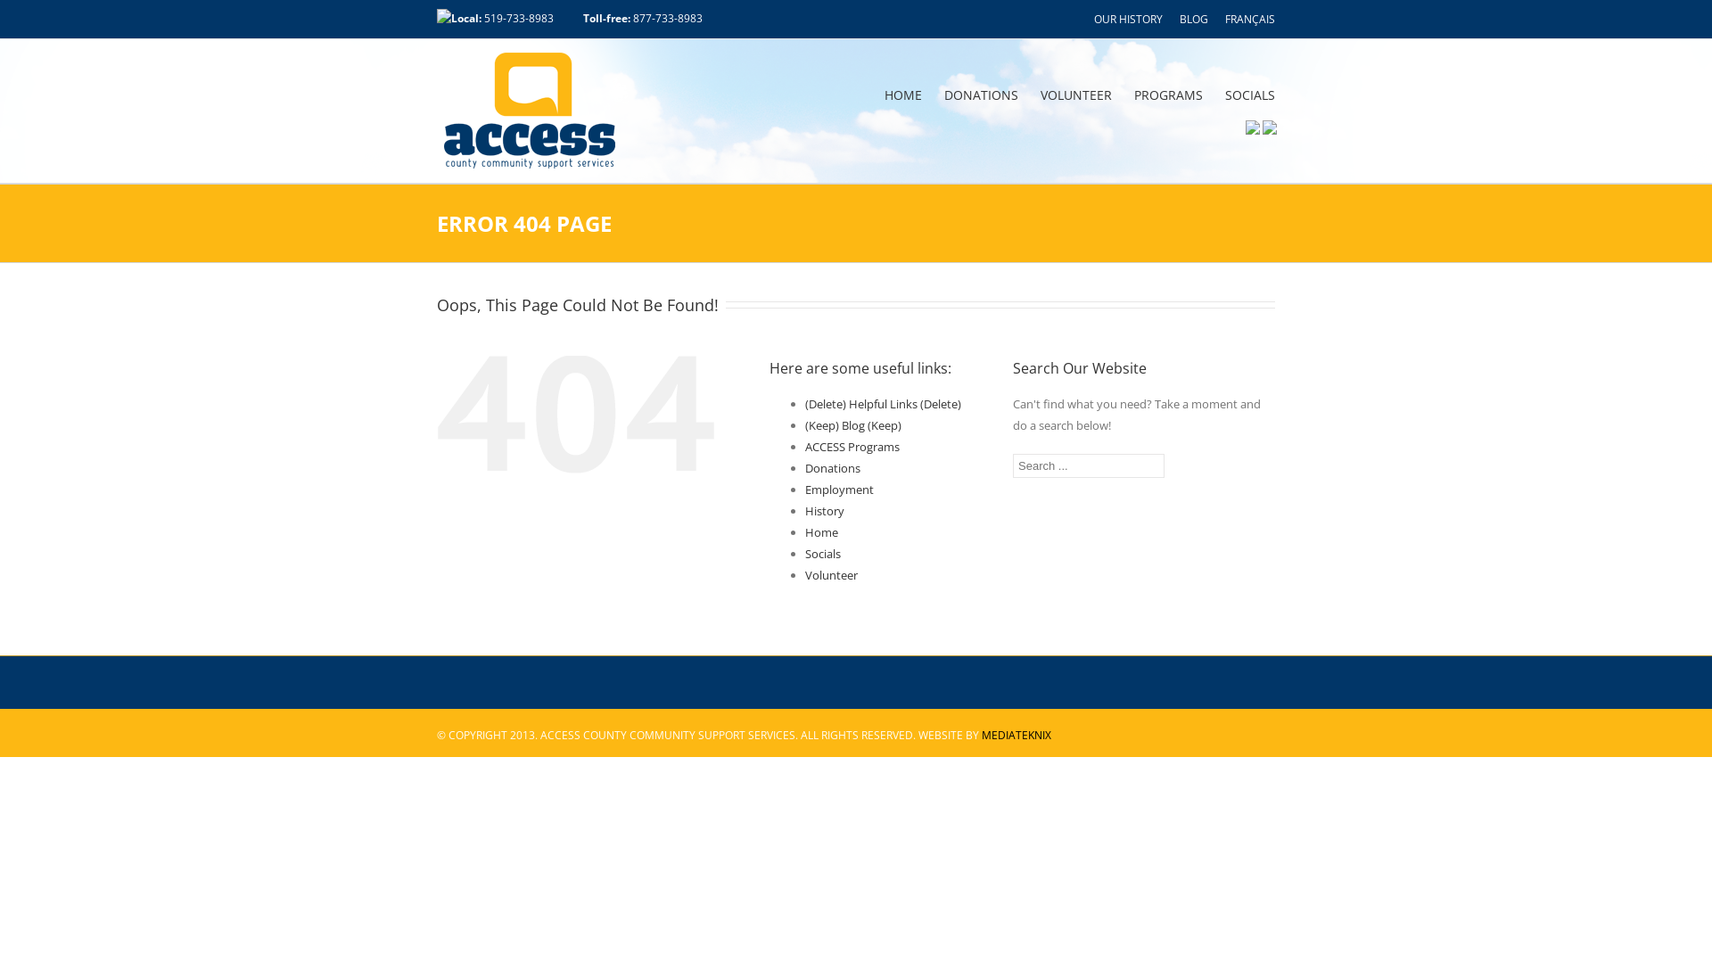  Describe the element at coordinates (803, 489) in the screenshot. I see `'Employment'` at that location.